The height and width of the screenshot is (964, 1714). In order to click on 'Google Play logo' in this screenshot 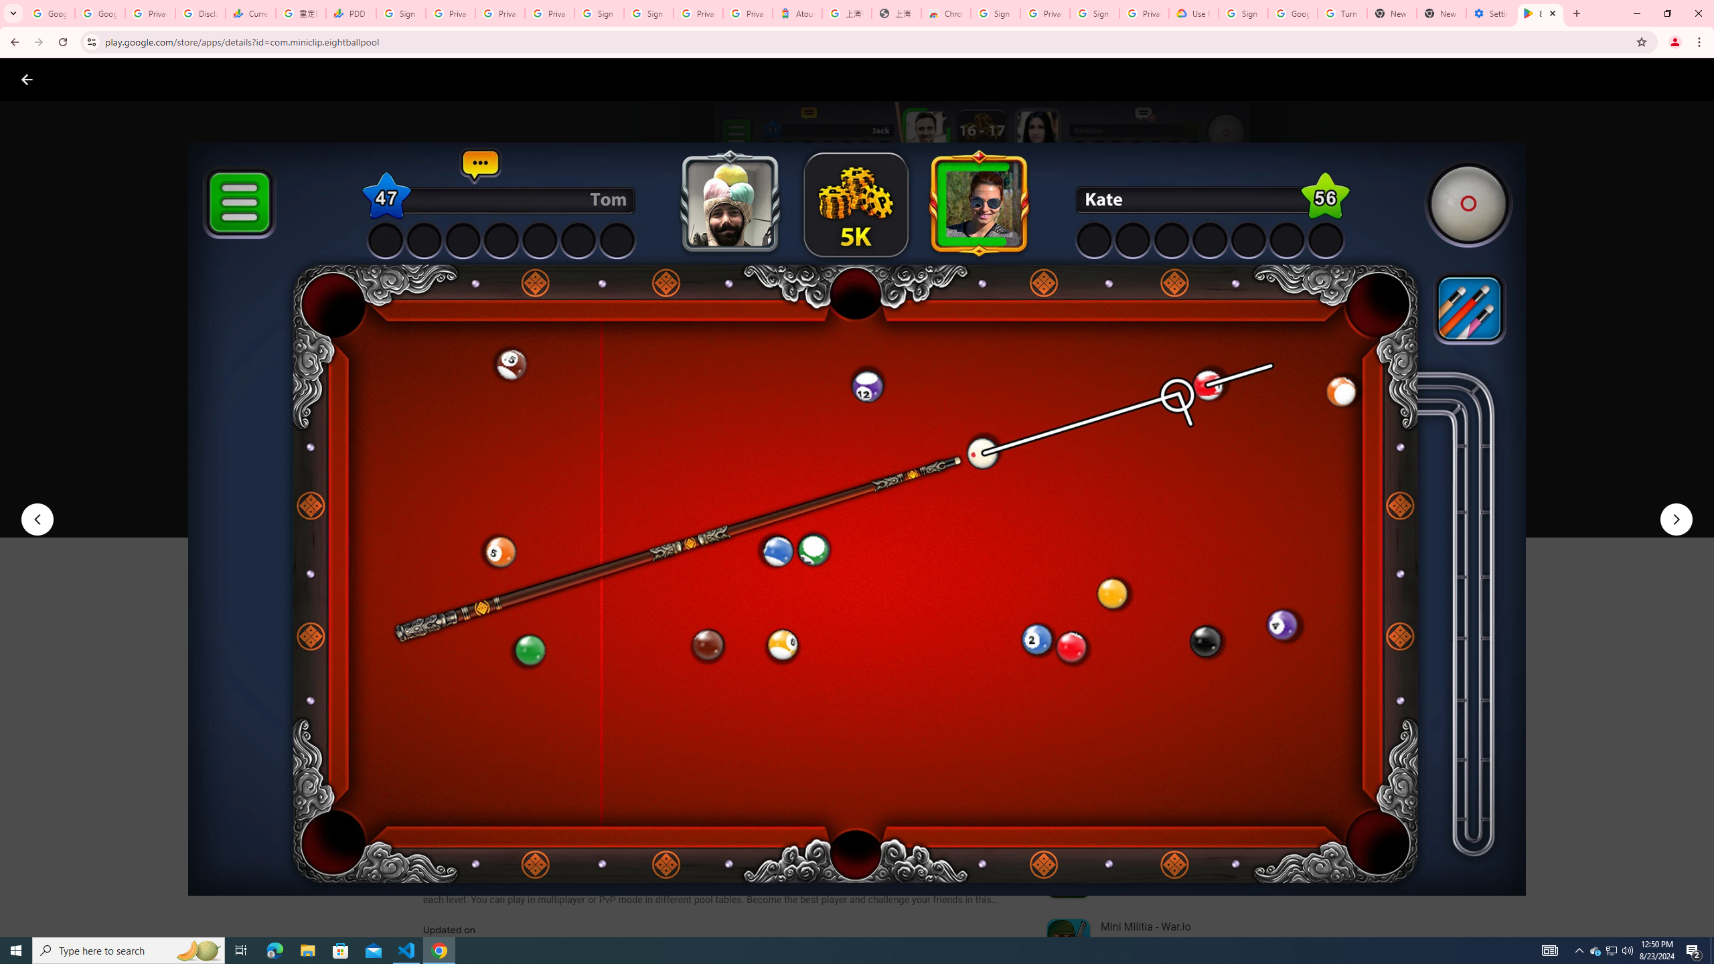, I will do `click(74, 79)`.